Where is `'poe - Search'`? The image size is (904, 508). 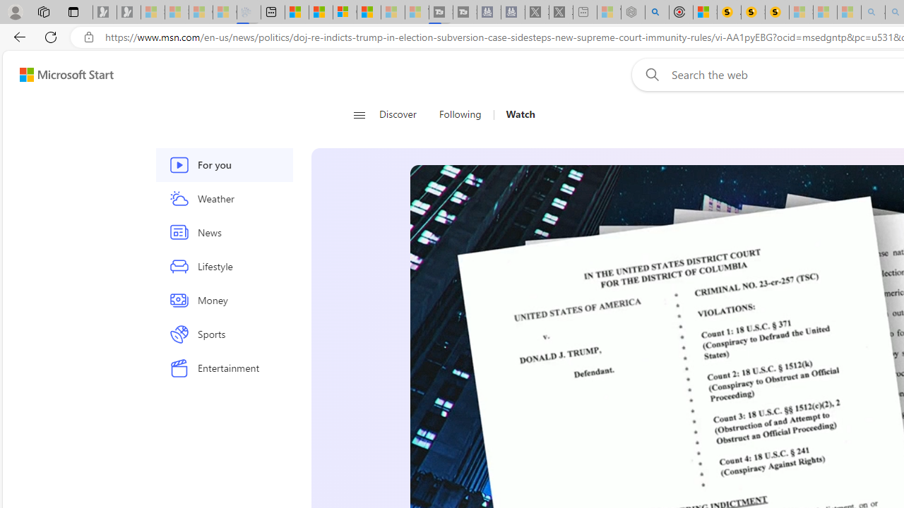 'poe - Search' is located at coordinates (656, 12).